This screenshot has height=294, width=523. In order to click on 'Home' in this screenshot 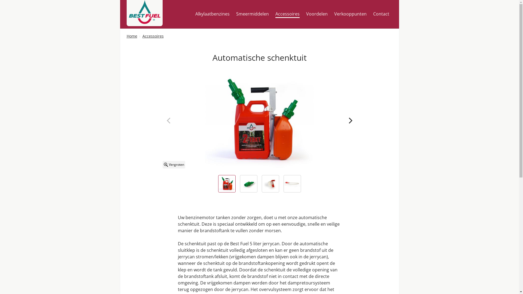, I will do `click(126, 36)`.